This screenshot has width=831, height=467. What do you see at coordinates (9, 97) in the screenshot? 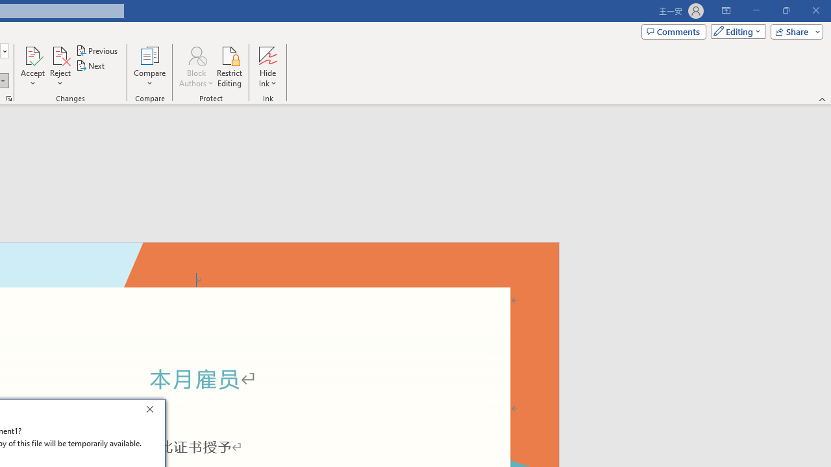
I see `'Change Tracking Options...'` at bounding box center [9, 97].